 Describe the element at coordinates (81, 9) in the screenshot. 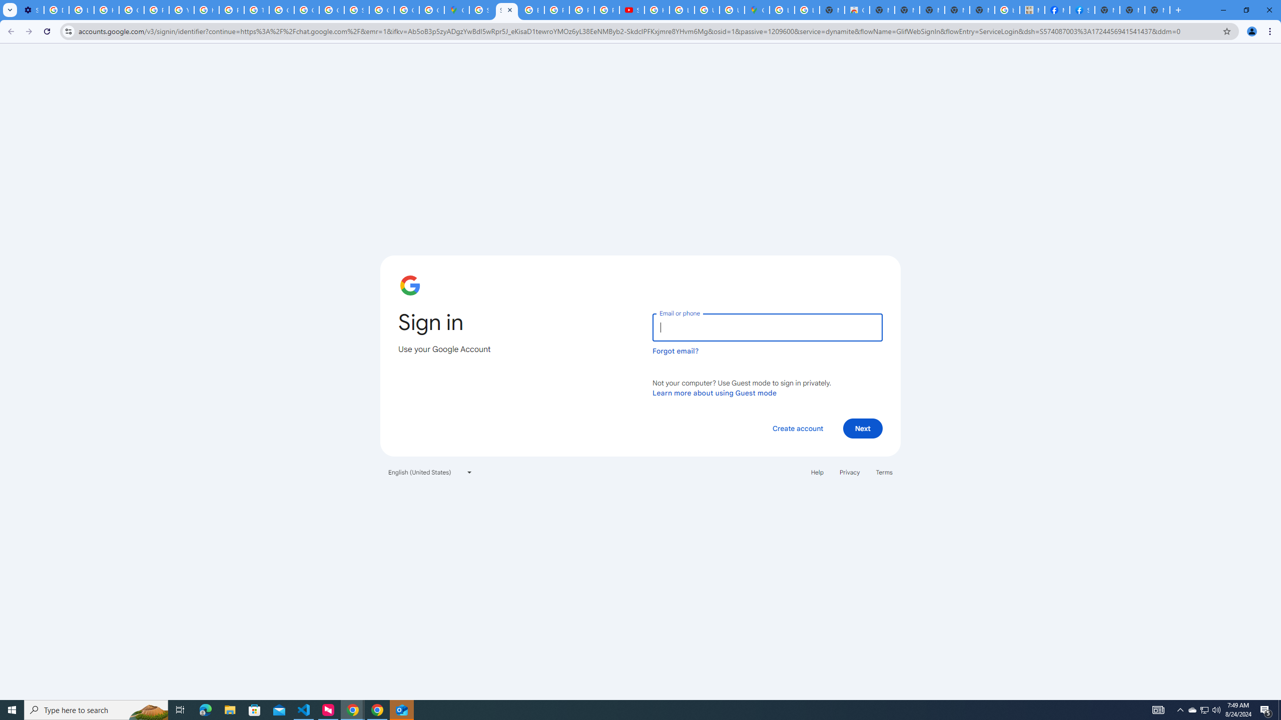

I see `'Learn how to find your photos - Google Photos Help'` at that location.